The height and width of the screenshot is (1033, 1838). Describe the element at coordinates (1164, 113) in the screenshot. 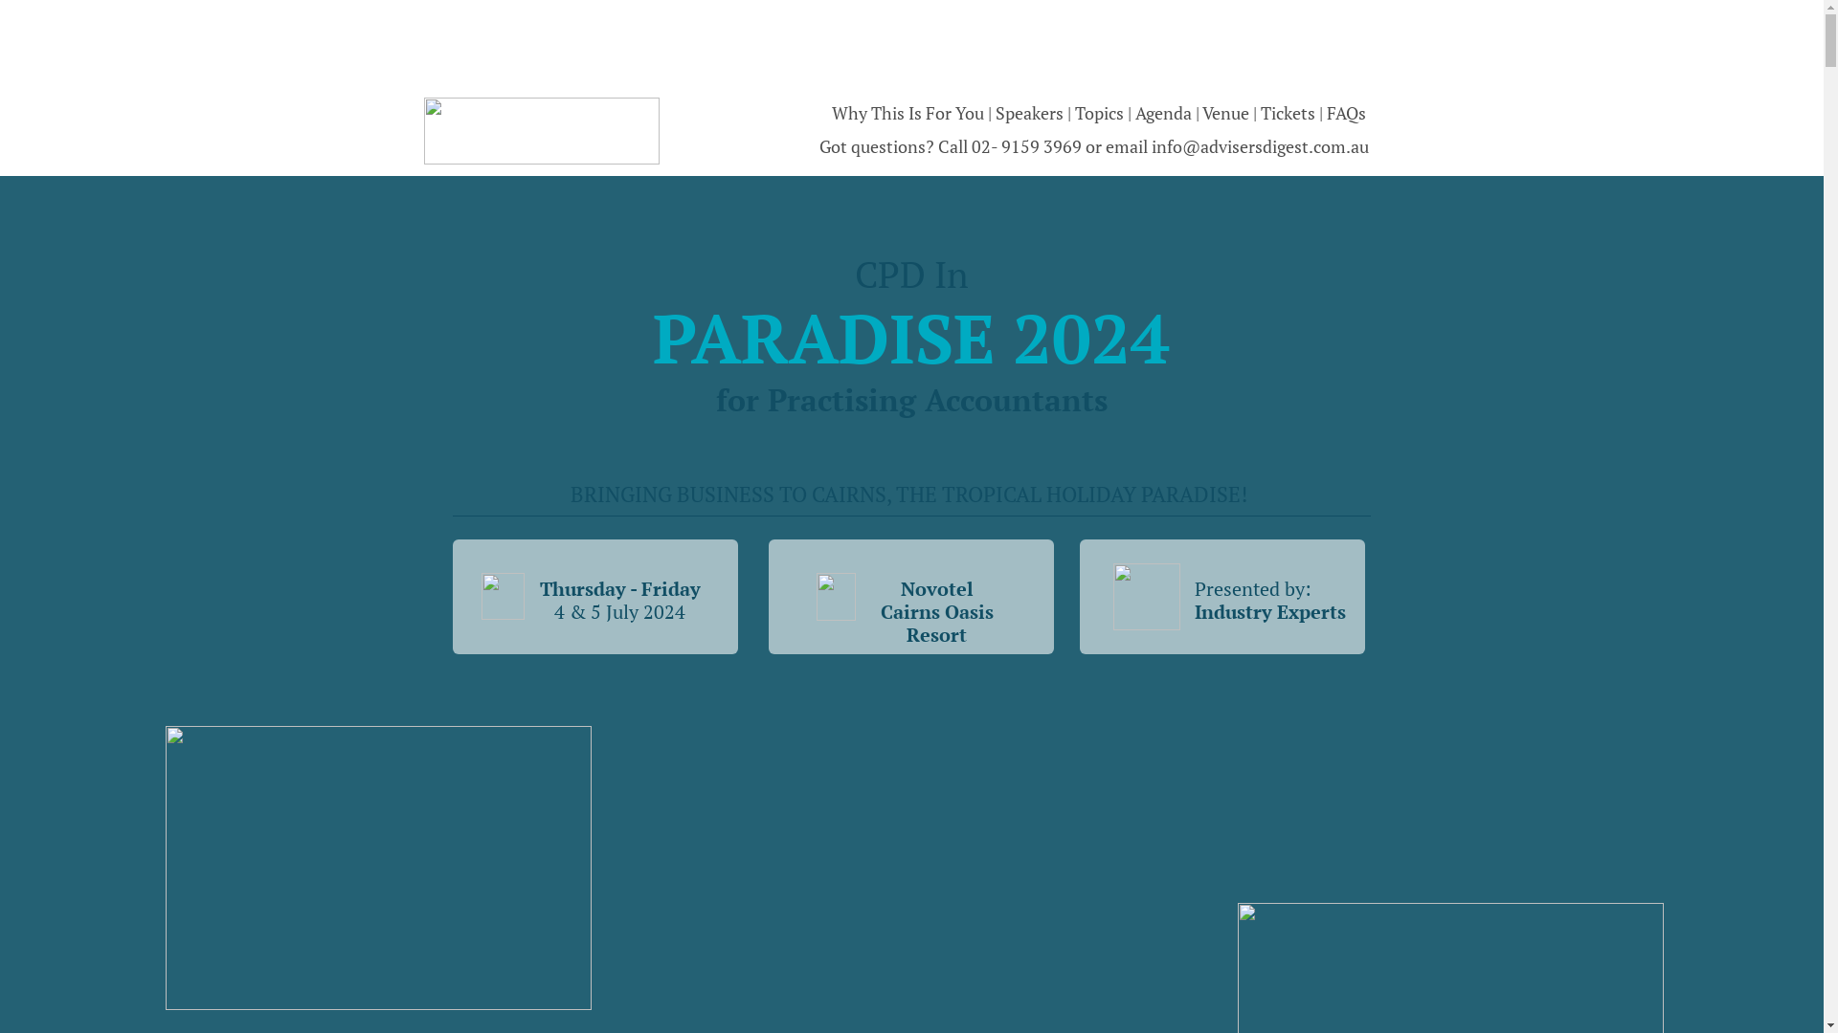

I see `'Agenda'` at that location.